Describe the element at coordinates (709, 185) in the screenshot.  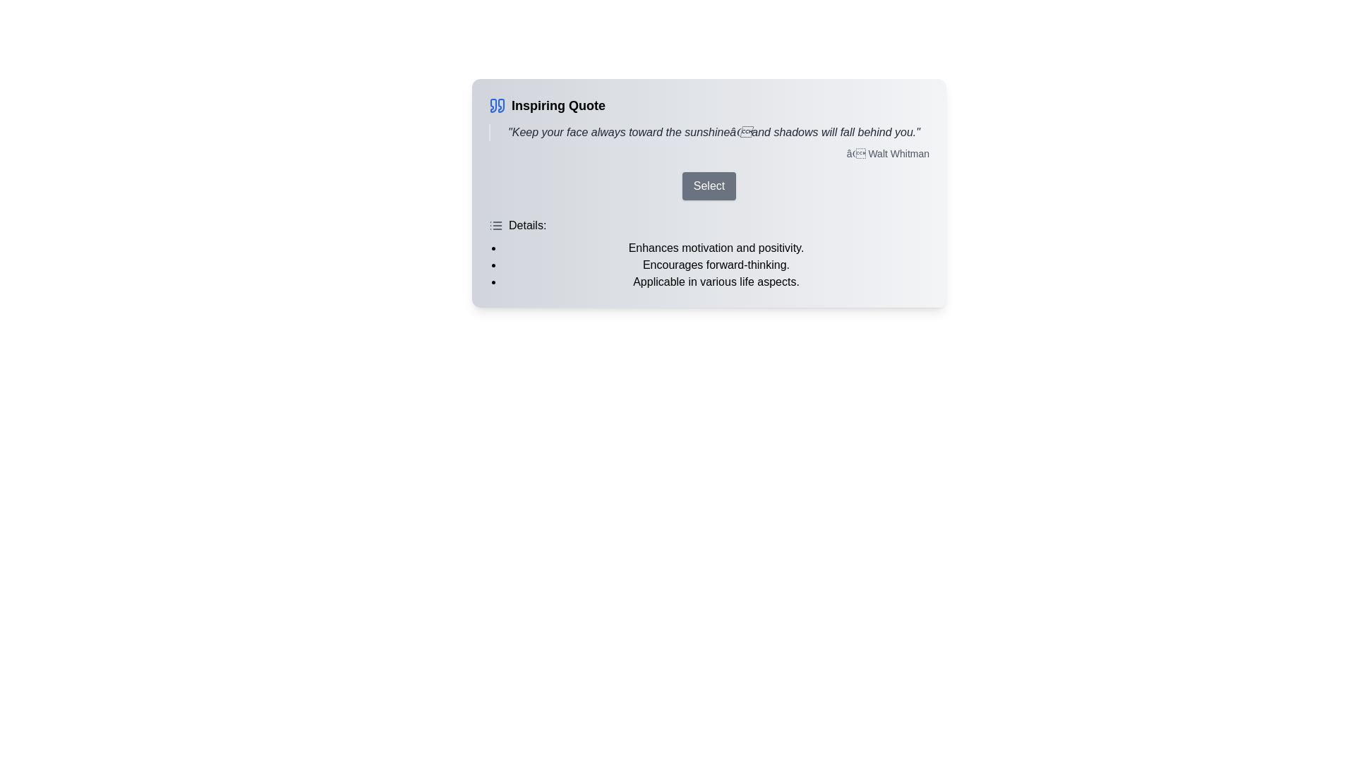
I see `the 'Select' button, which has a gray background and white text, to observe visual feedback` at that location.